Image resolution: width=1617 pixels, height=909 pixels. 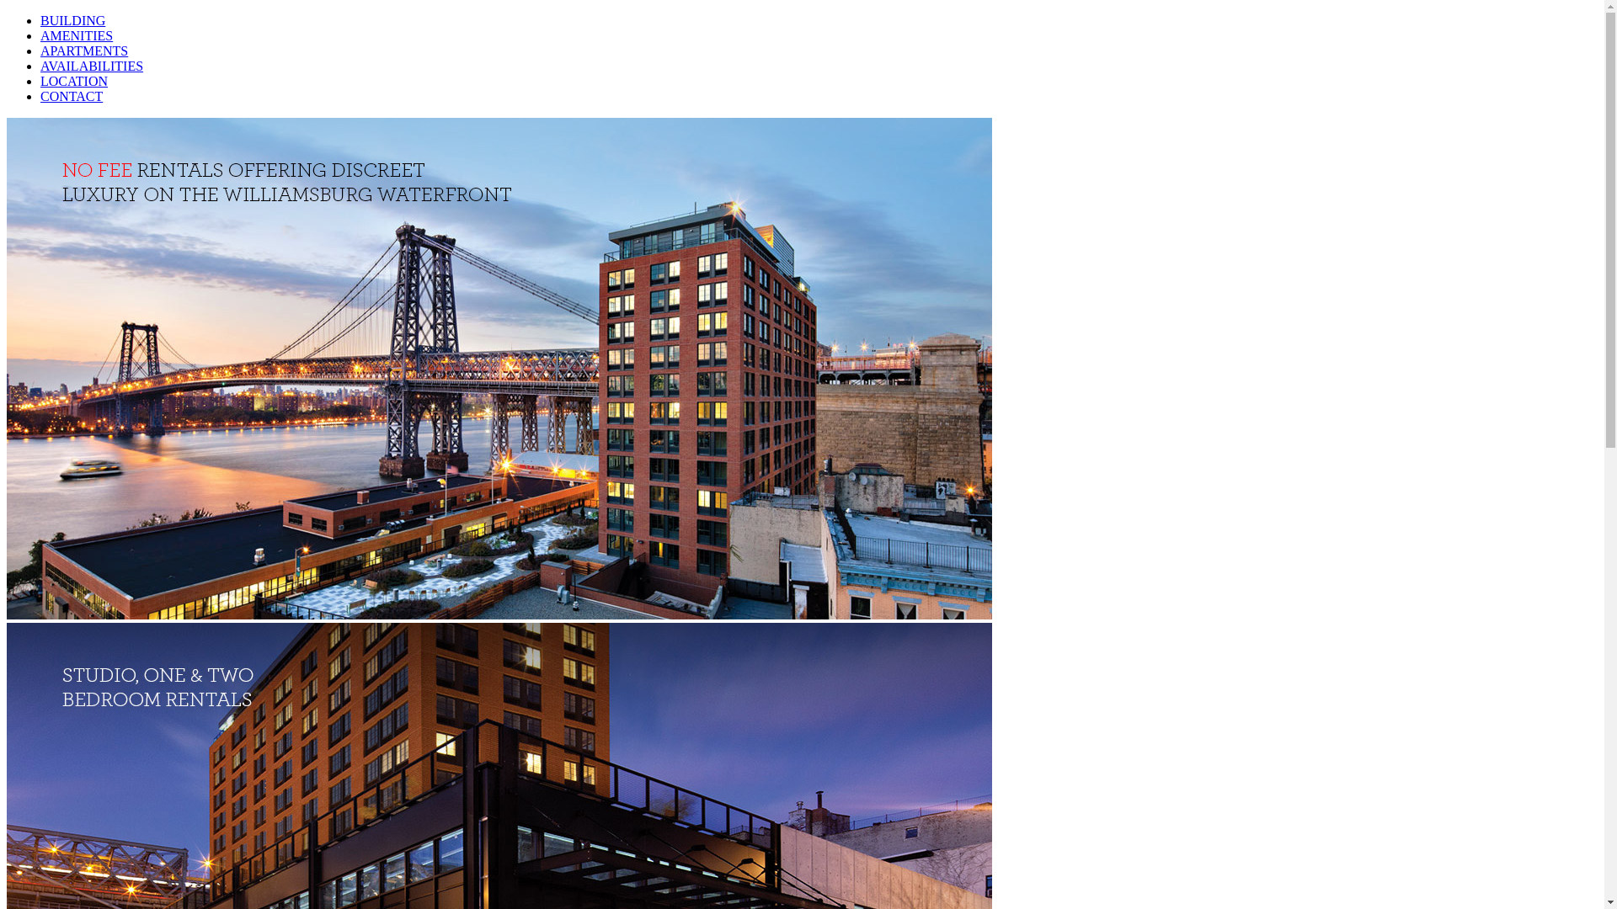 I want to click on 'BUILDING', so click(x=72, y=20).